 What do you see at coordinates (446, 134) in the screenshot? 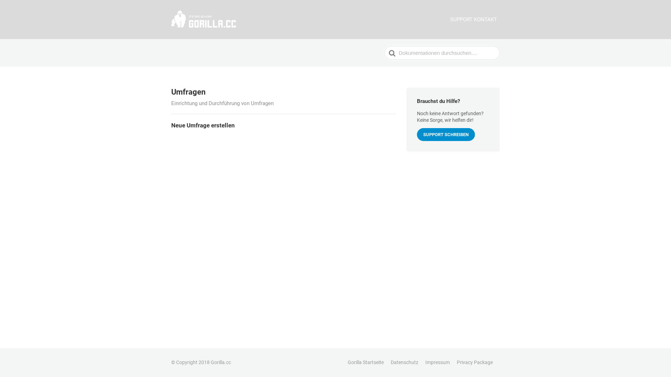
I see `'SUPPORT SCHREIBEN'` at bounding box center [446, 134].